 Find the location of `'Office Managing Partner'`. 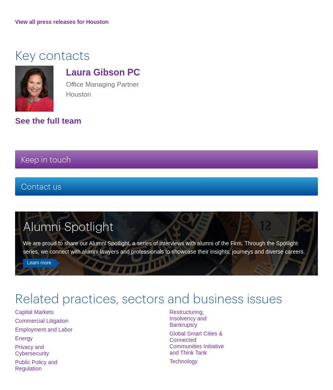

'Office Managing Partner' is located at coordinates (102, 83).